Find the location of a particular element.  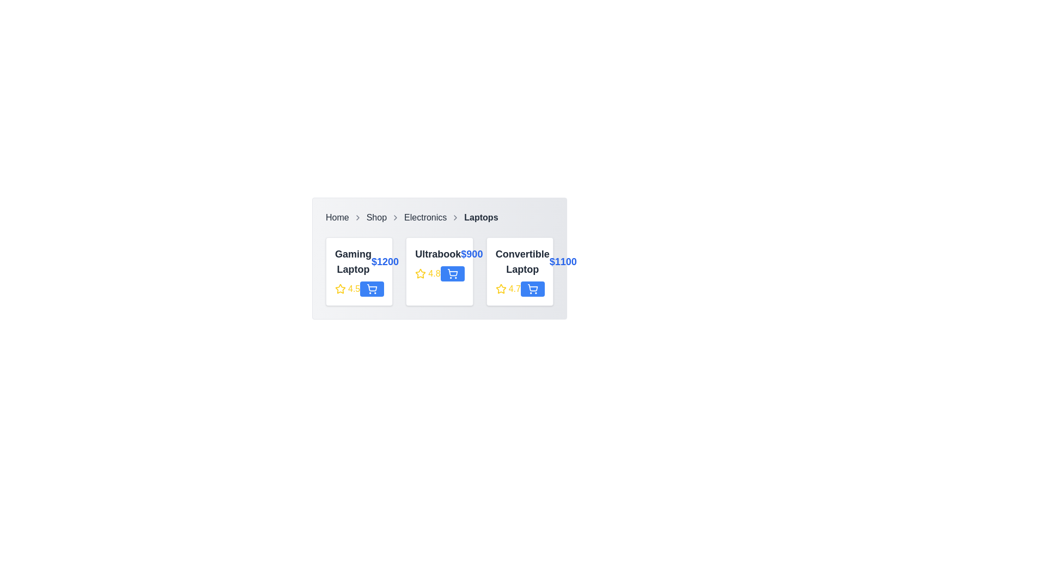

the 'Add to Cart' button located at the bottom right of the 'Convertible Laptop' product card is located at coordinates (532, 289).